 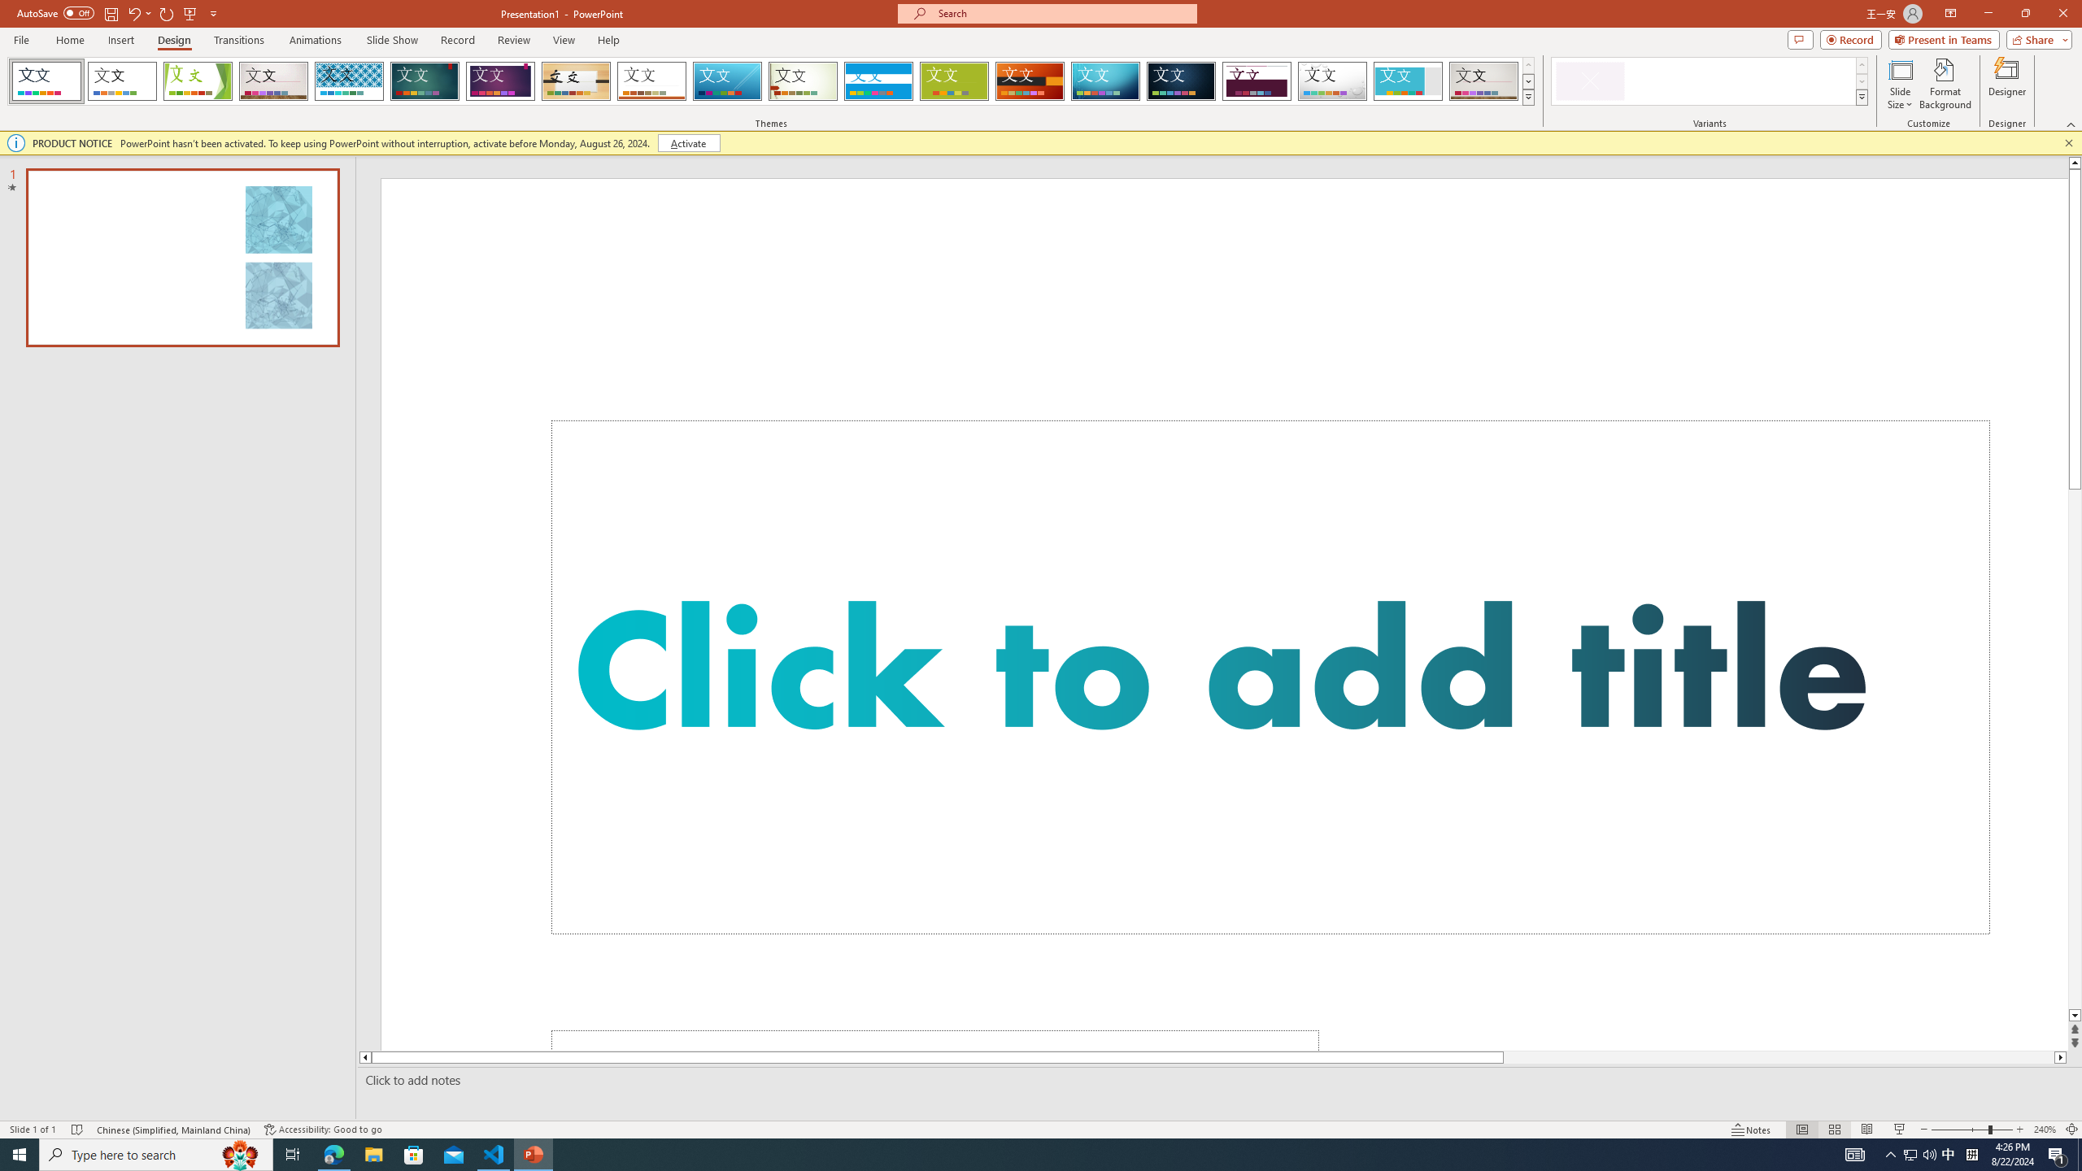 I want to click on 'Variants', so click(x=1860, y=96).